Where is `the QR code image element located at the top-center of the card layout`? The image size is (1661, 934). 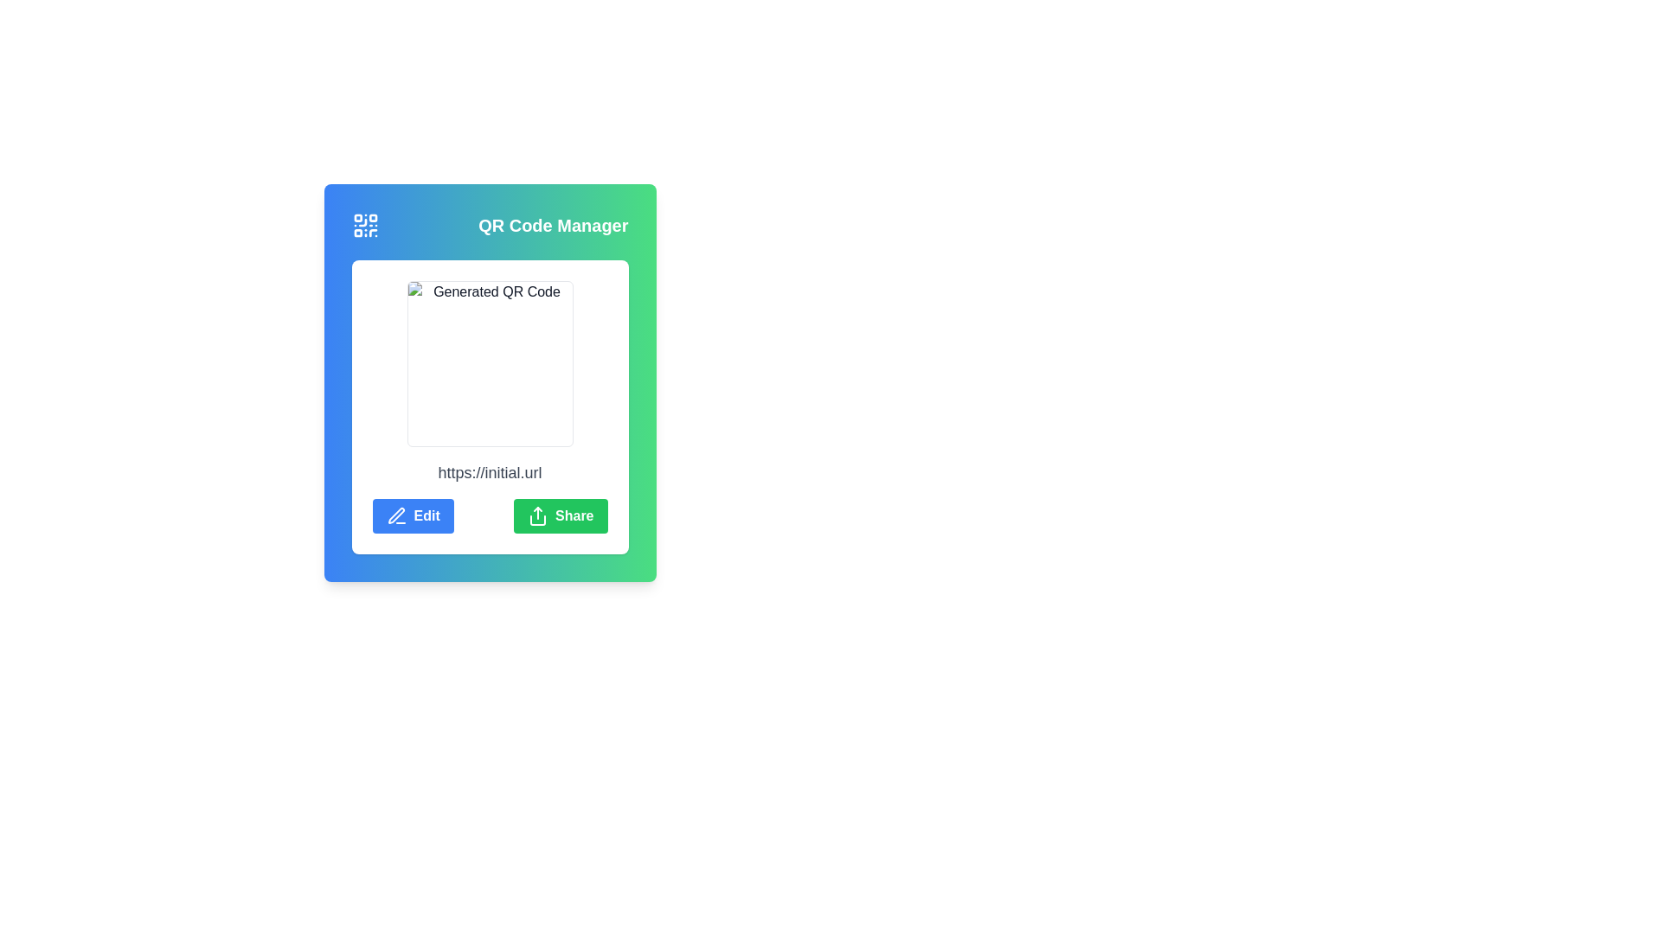
the QR code image element located at the top-center of the card layout is located at coordinates (489, 362).